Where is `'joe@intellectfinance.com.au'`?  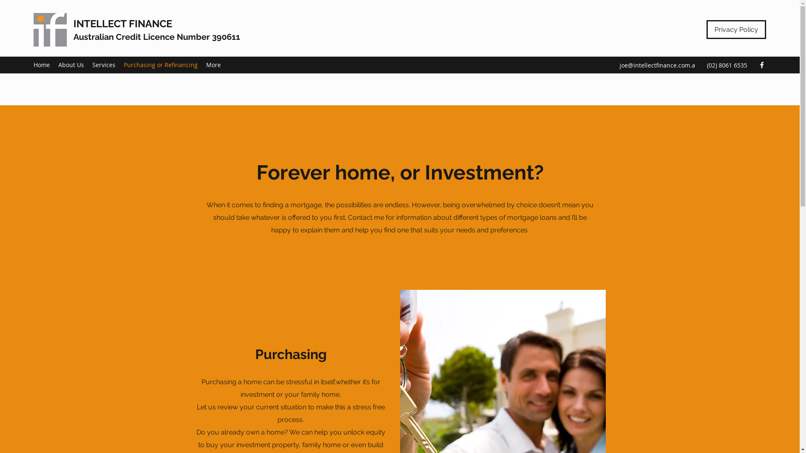 'joe@intellectfinance.com.au' is located at coordinates (657, 70).